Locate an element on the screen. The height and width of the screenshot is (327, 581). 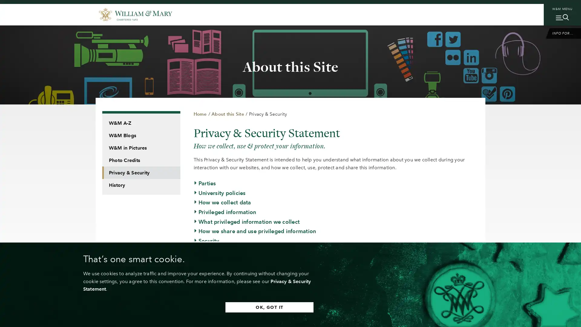
Changes to our privacy & security policy statement is located at coordinates (261, 269).